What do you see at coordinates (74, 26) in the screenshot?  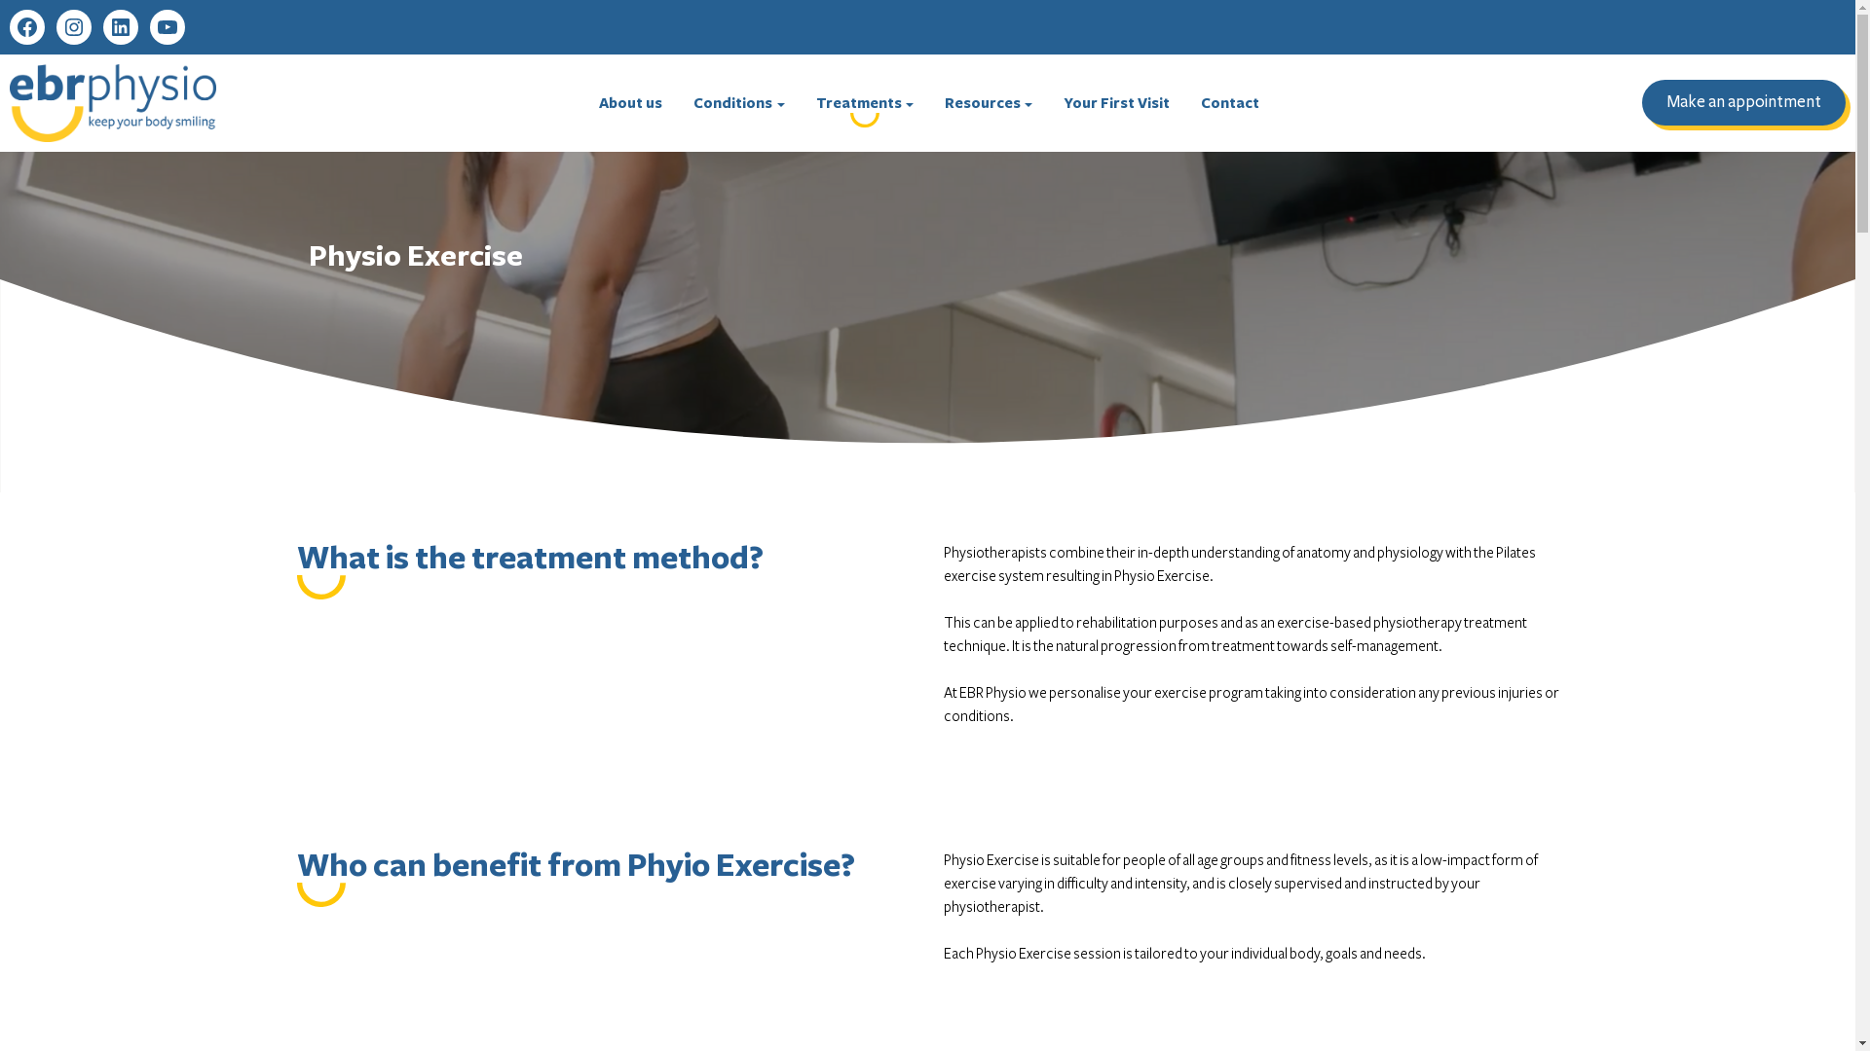 I see `'Instagram'` at bounding box center [74, 26].